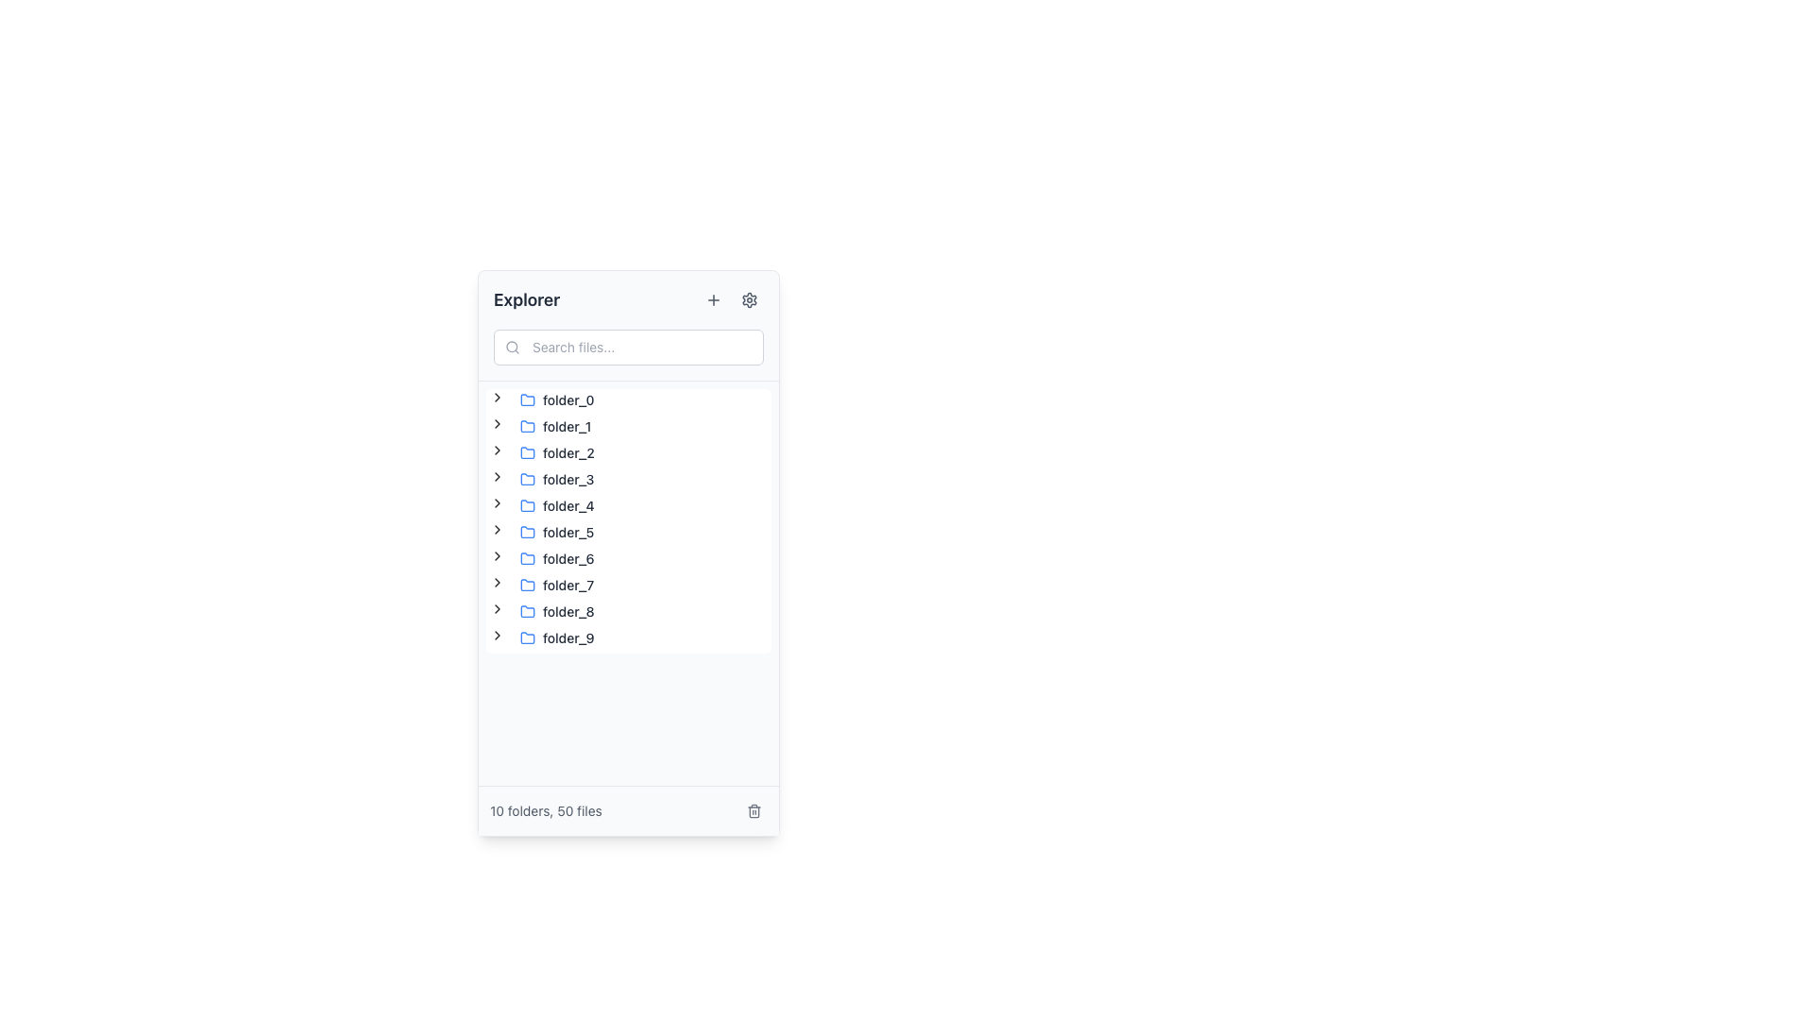 This screenshot has height=1020, width=1813. Describe the element at coordinates (527, 477) in the screenshot. I see `the folder icon labeled 'folder_3'` at that location.